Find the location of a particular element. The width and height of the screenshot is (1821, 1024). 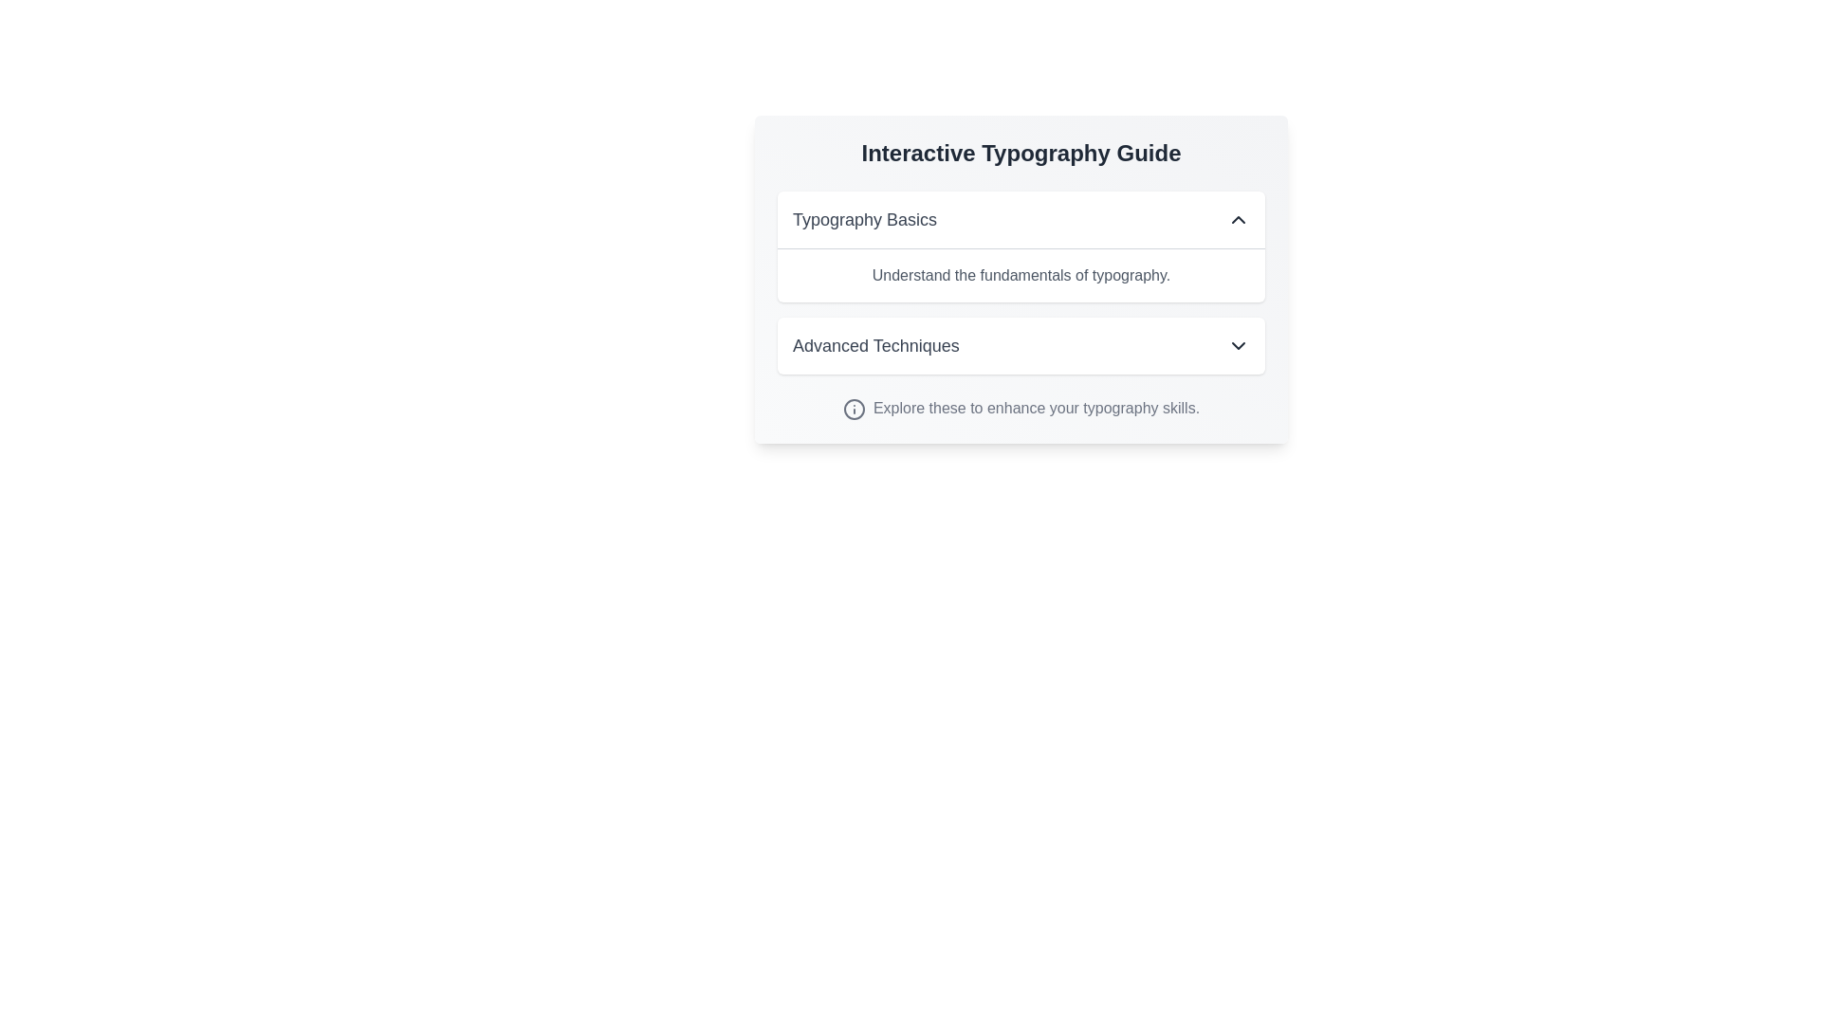

the text block displaying the title 'Interactive Typography Guide', which is bold and centered, located above the sections 'Typography Basics' and 'Advanced Techniques' is located at coordinates (1020, 153).